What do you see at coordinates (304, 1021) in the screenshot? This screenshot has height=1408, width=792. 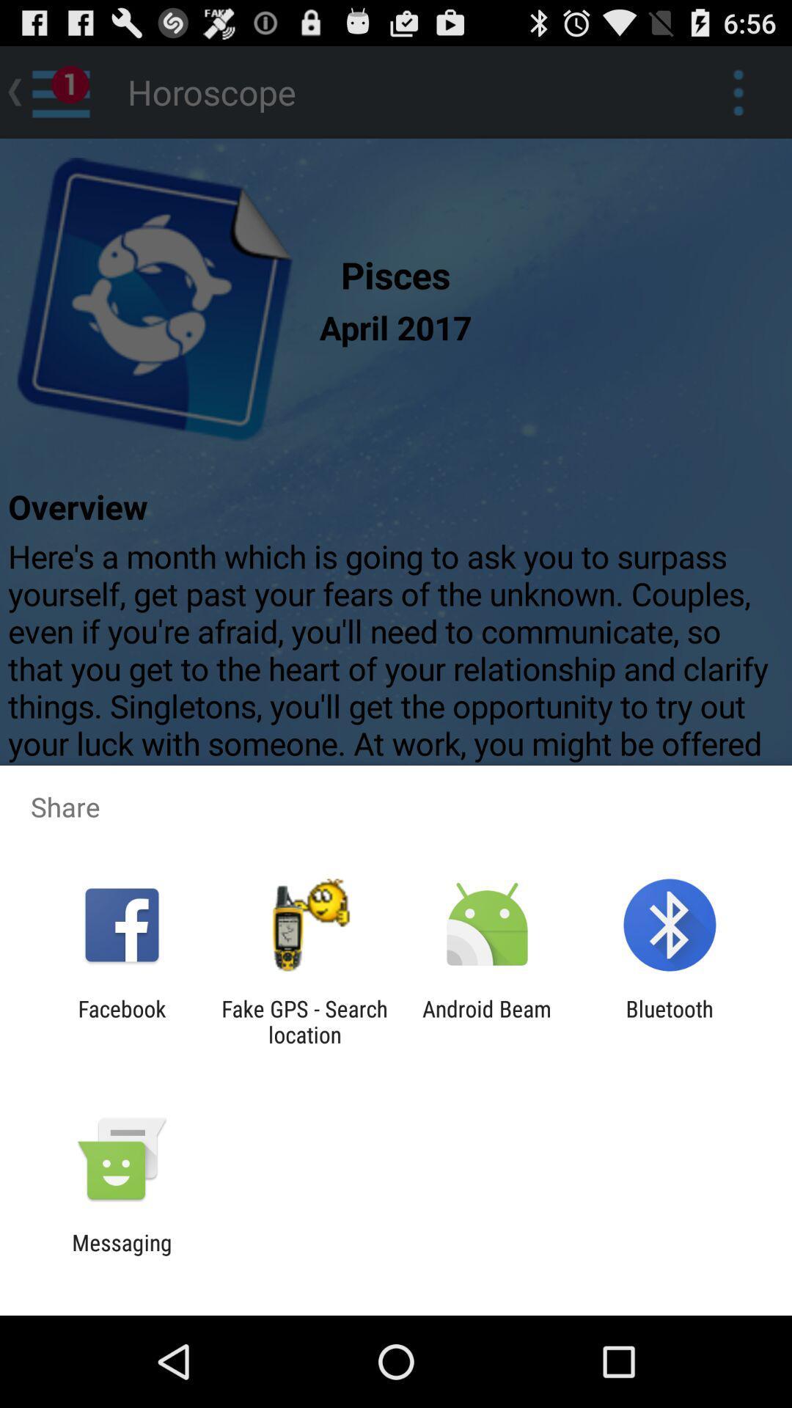 I see `icon to the right of facebook app` at bounding box center [304, 1021].